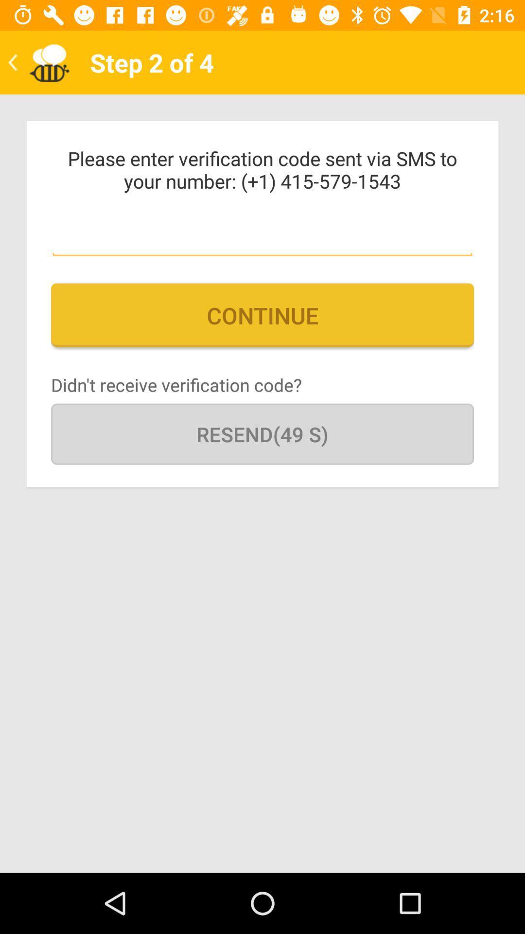 The height and width of the screenshot is (934, 525). I want to click on item above didn t receive item, so click(262, 315).